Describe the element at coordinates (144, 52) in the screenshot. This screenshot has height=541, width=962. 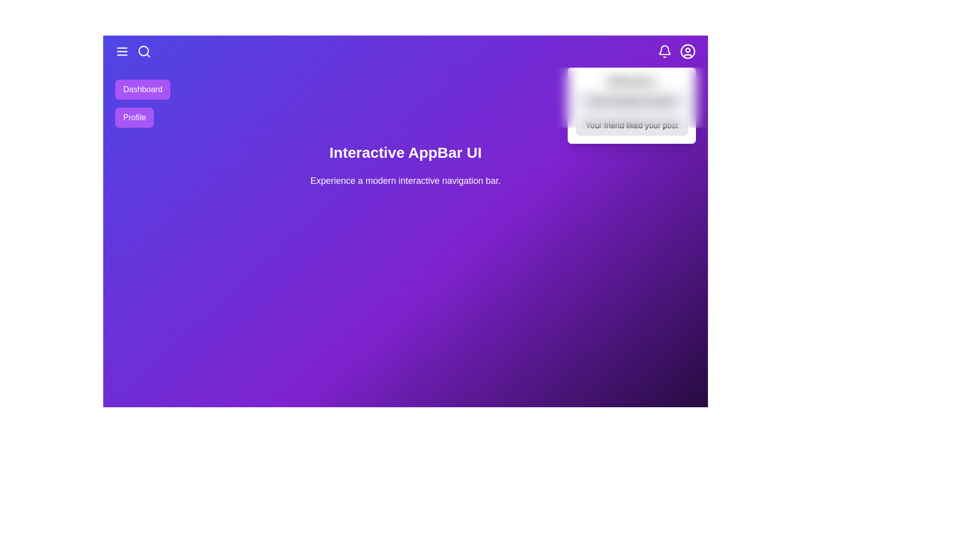
I see `the search icon to initiate a search` at that location.